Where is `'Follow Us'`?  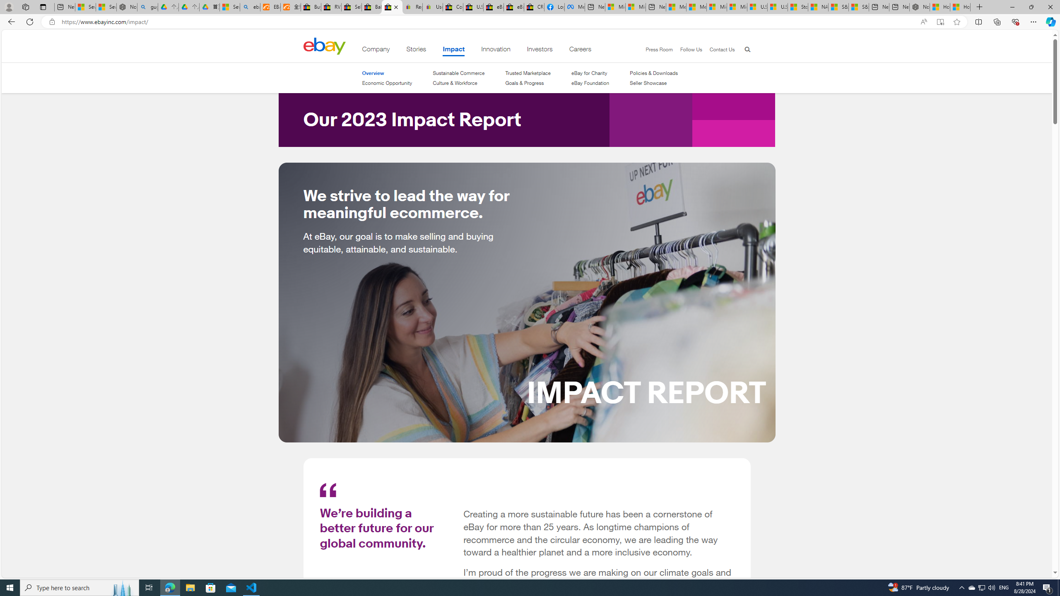 'Follow Us' is located at coordinates (687, 49).